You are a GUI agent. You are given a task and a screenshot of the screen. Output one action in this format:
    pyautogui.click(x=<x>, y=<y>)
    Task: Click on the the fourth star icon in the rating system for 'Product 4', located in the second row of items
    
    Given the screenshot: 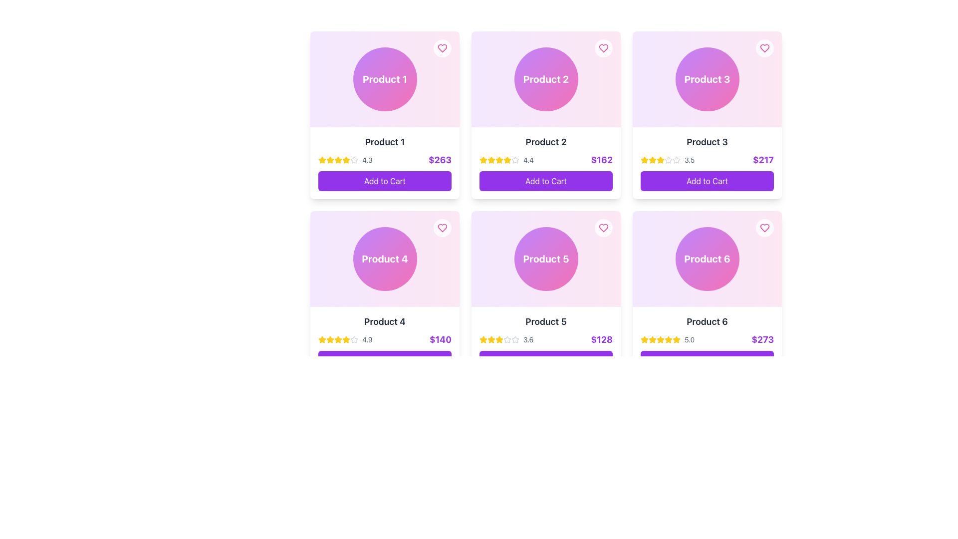 What is the action you would take?
    pyautogui.click(x=338, y=339)
    